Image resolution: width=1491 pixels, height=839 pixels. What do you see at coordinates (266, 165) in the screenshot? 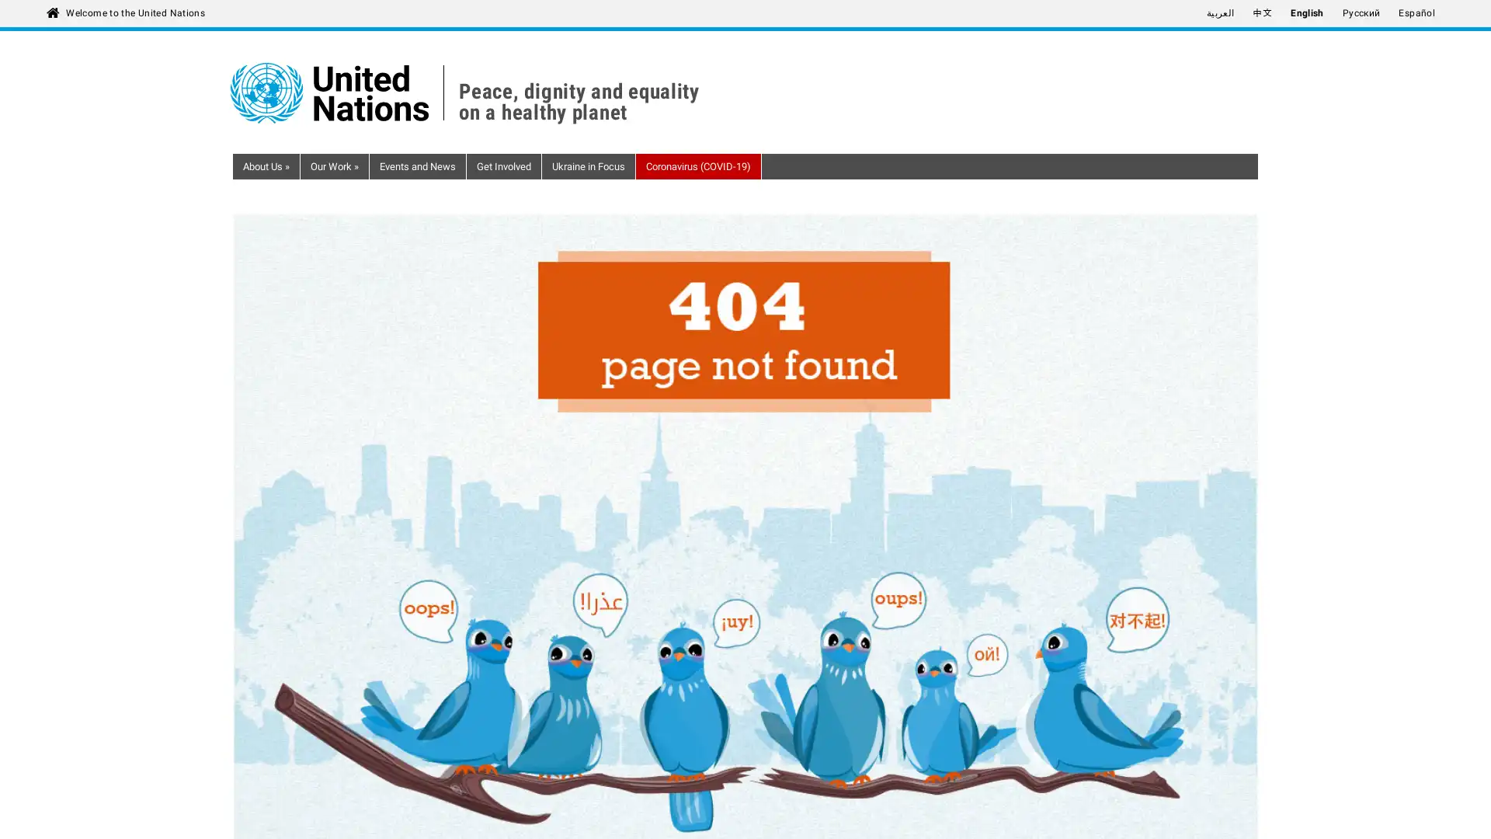
I see `About Us` at bounding box center [266, 165].